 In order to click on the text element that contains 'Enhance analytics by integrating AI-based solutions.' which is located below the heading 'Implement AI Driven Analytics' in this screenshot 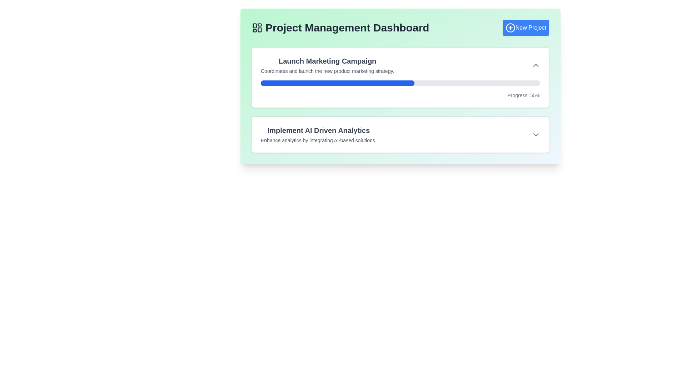, I will do `click(318, 140)`.